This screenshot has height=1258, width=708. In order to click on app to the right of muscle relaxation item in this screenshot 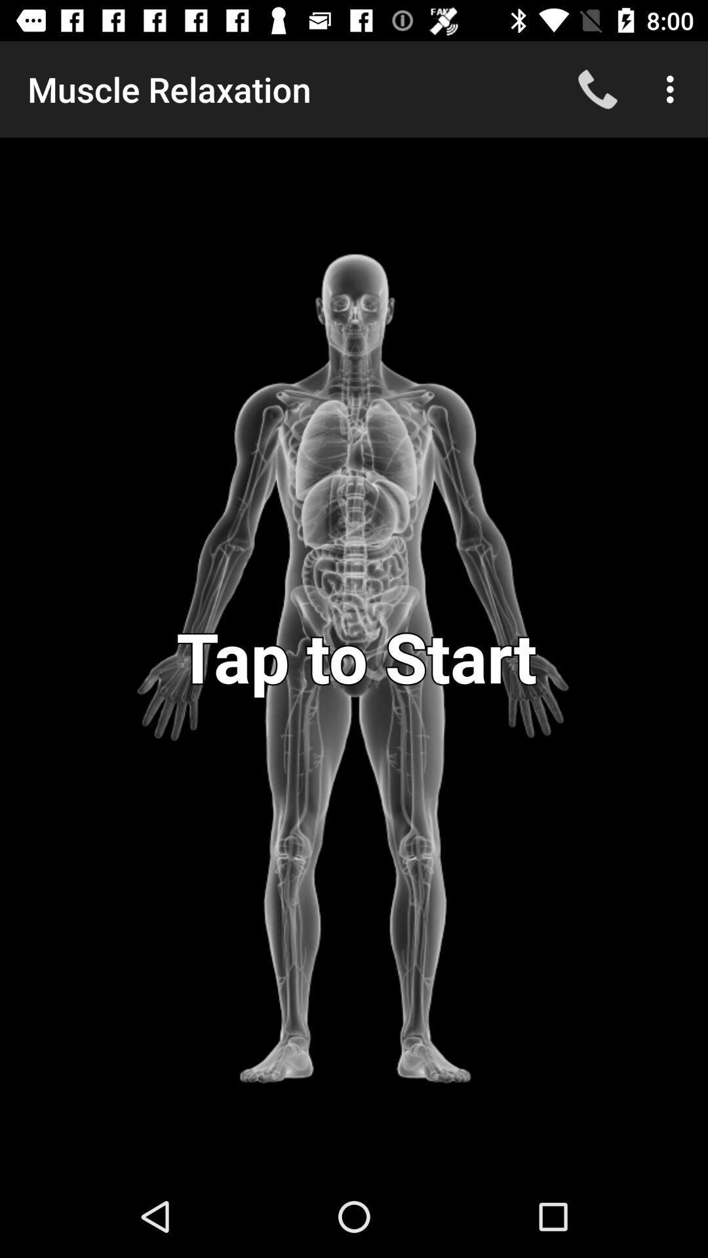, I will do `click(597, 88)`.